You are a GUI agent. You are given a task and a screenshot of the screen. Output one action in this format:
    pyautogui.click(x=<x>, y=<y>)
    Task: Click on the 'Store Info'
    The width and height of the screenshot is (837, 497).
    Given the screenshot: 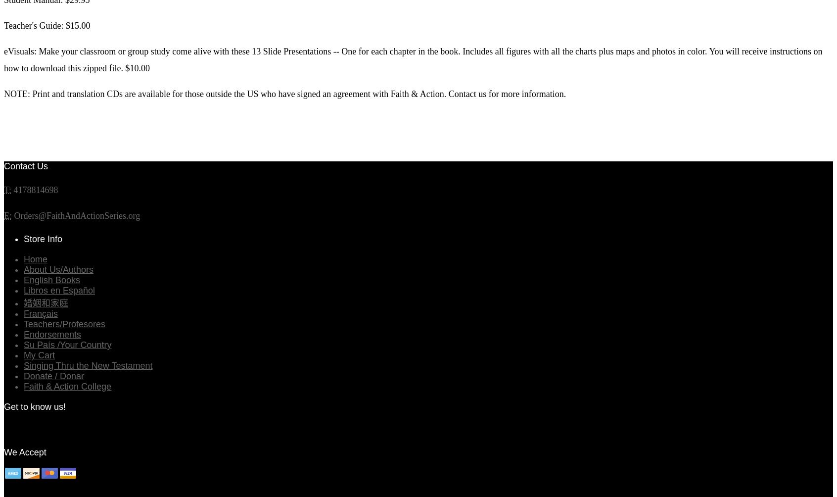 What is the action you would take?
    pyautogui.click(x=43, y=238)
    